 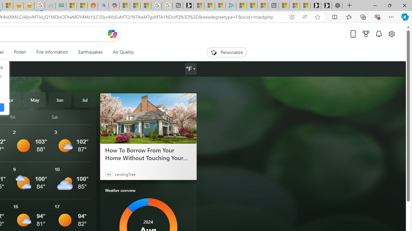 What do you see at coordinates (366, 34) in the screenshot?
I see `'Microsoft rewards'` at bounding box center [366, 34].